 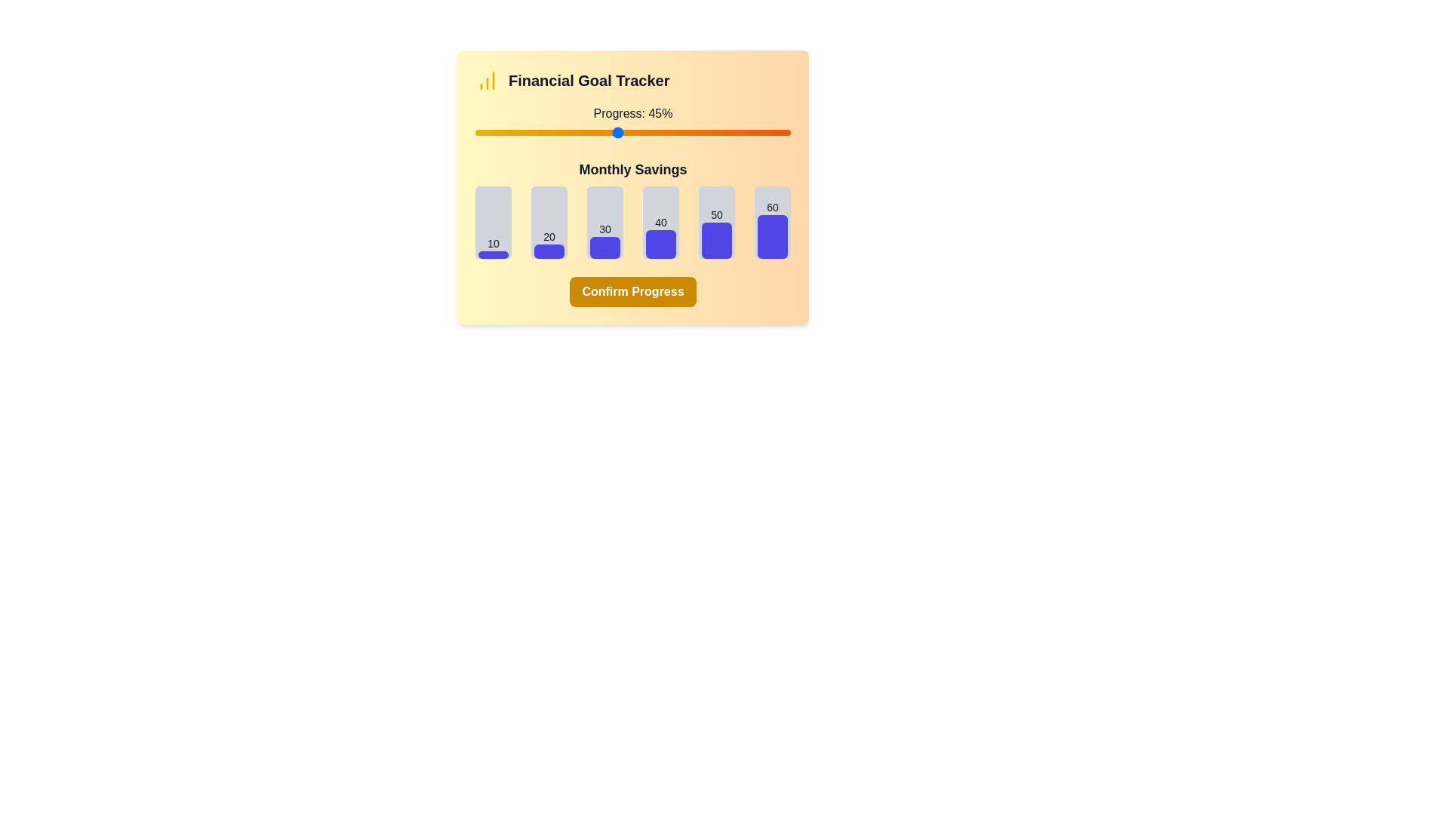 What do you see at coordinates (702, 132) in the screenshot?
I see `the progress slider to 72%` at bounding box center [702, 132].